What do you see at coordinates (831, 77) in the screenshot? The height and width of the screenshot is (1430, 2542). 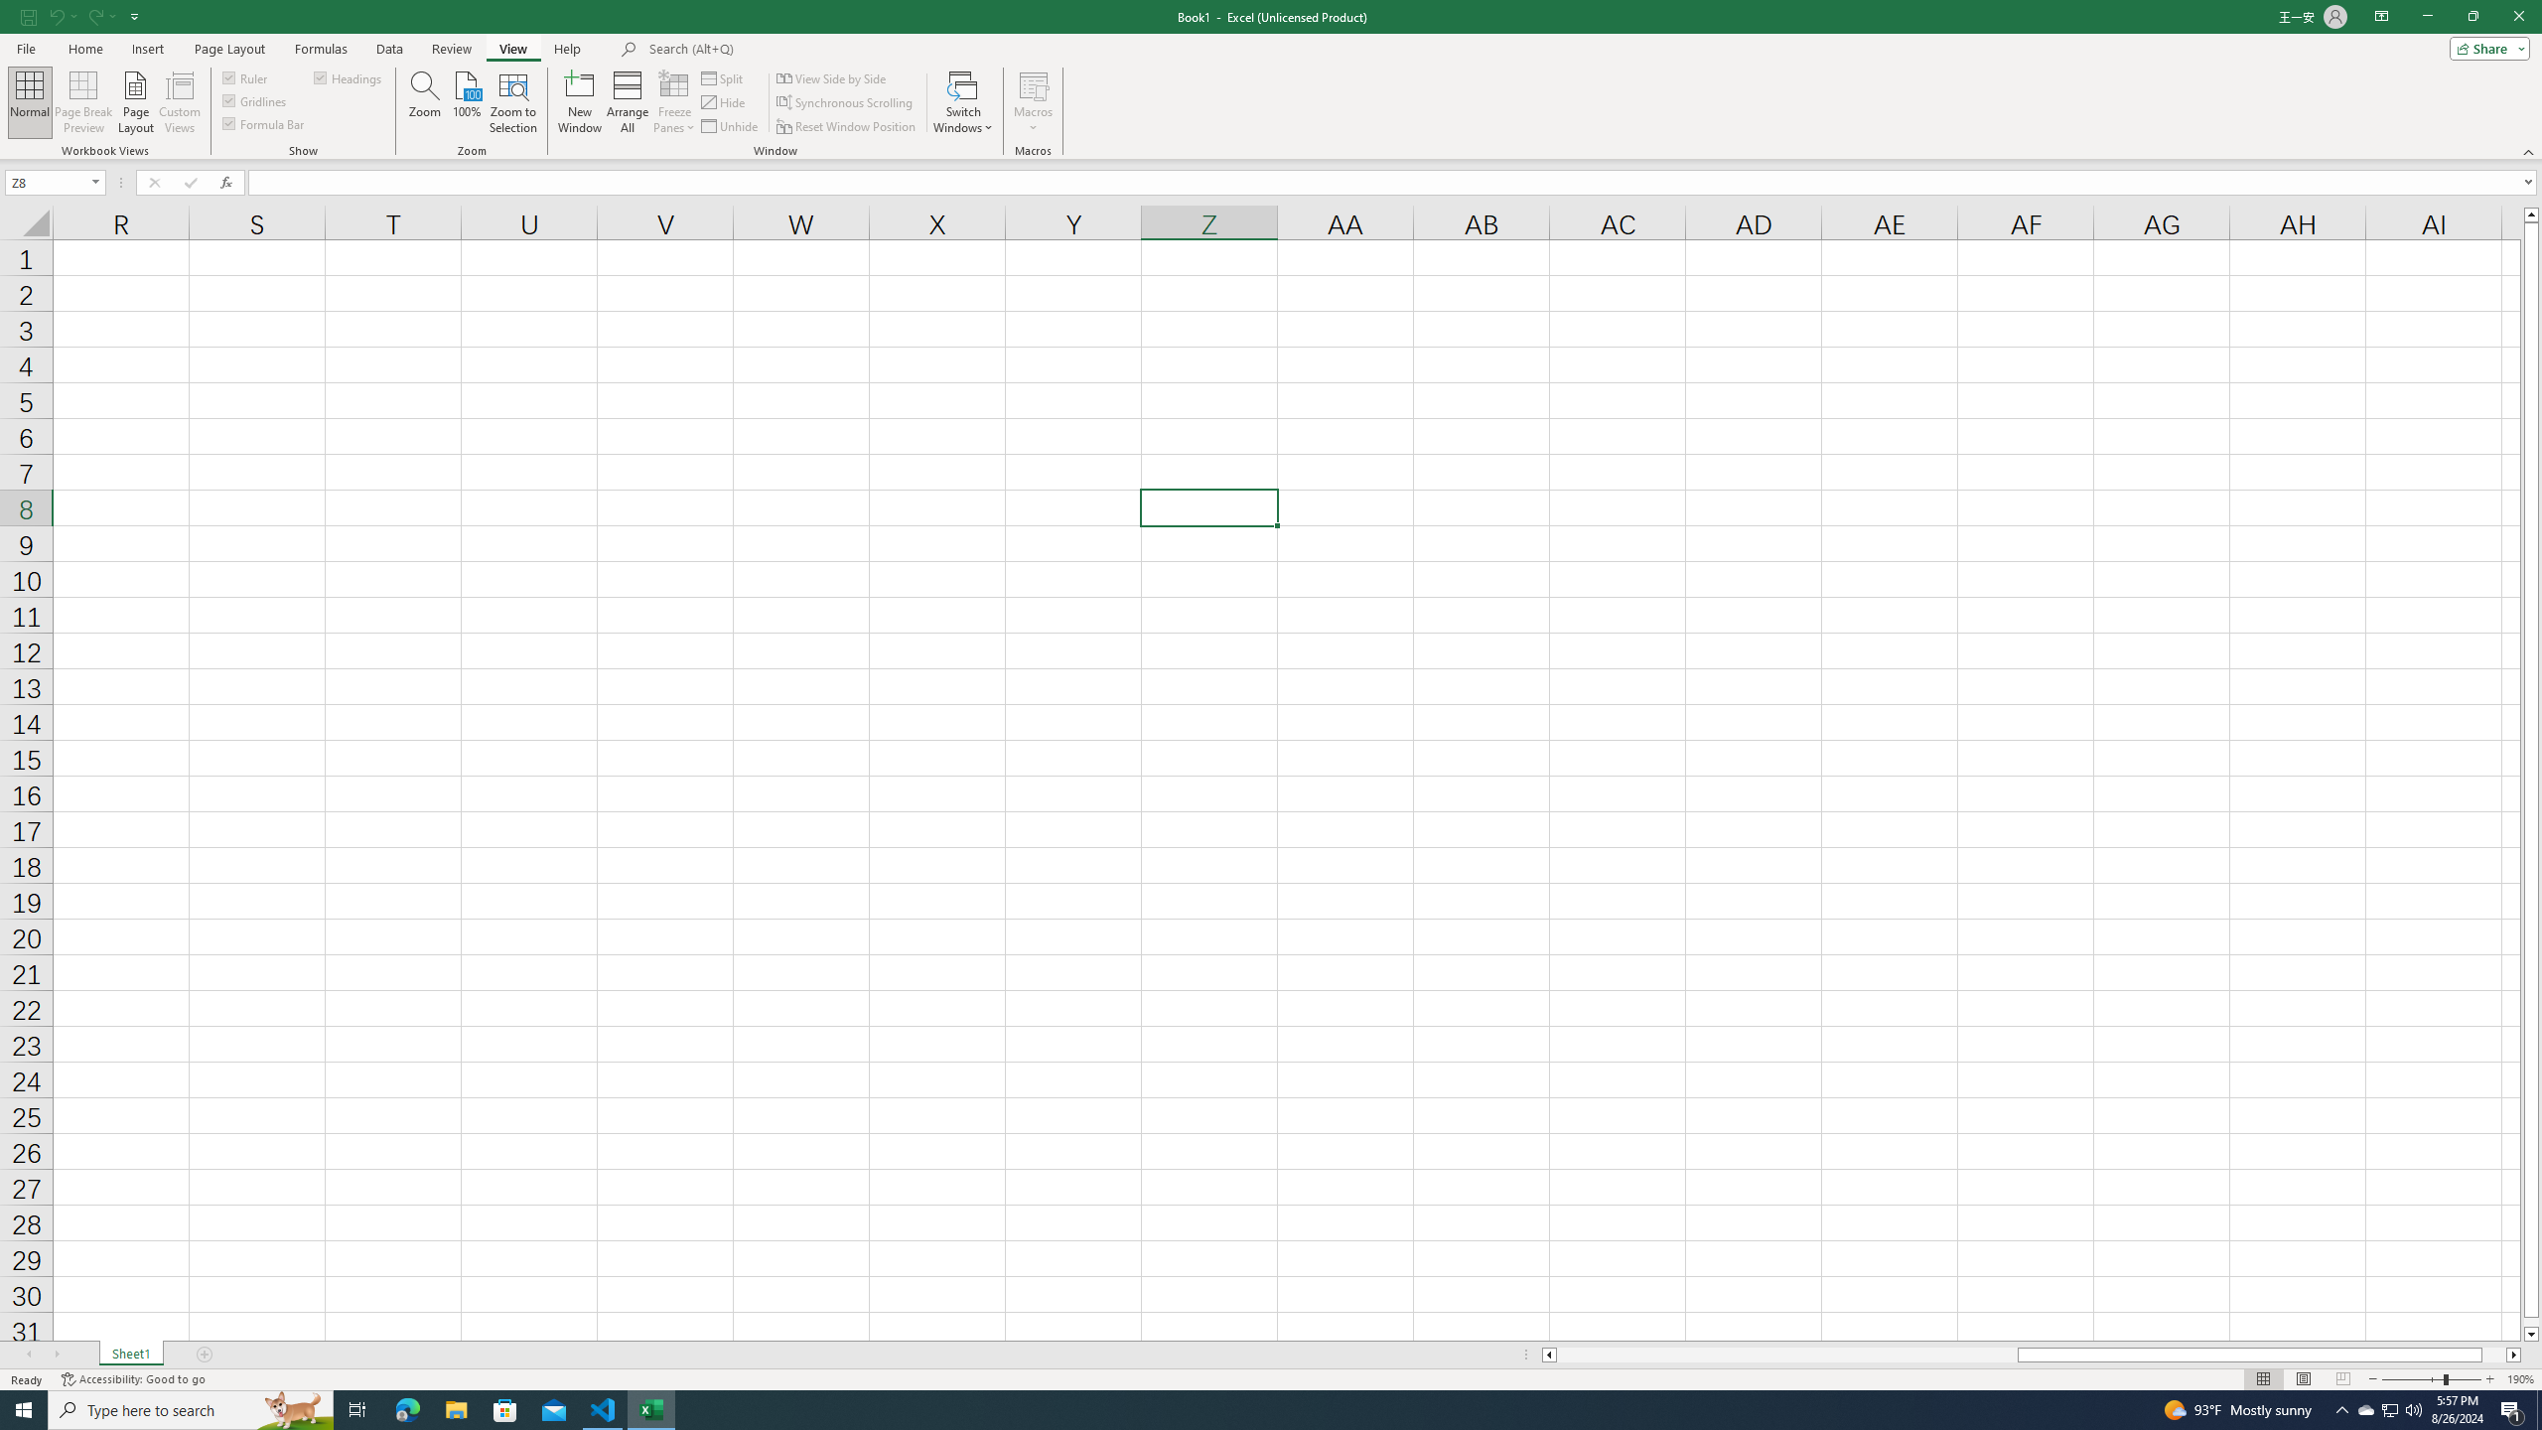 I see `'View Side by Side'` at bounding box center [831, 77].